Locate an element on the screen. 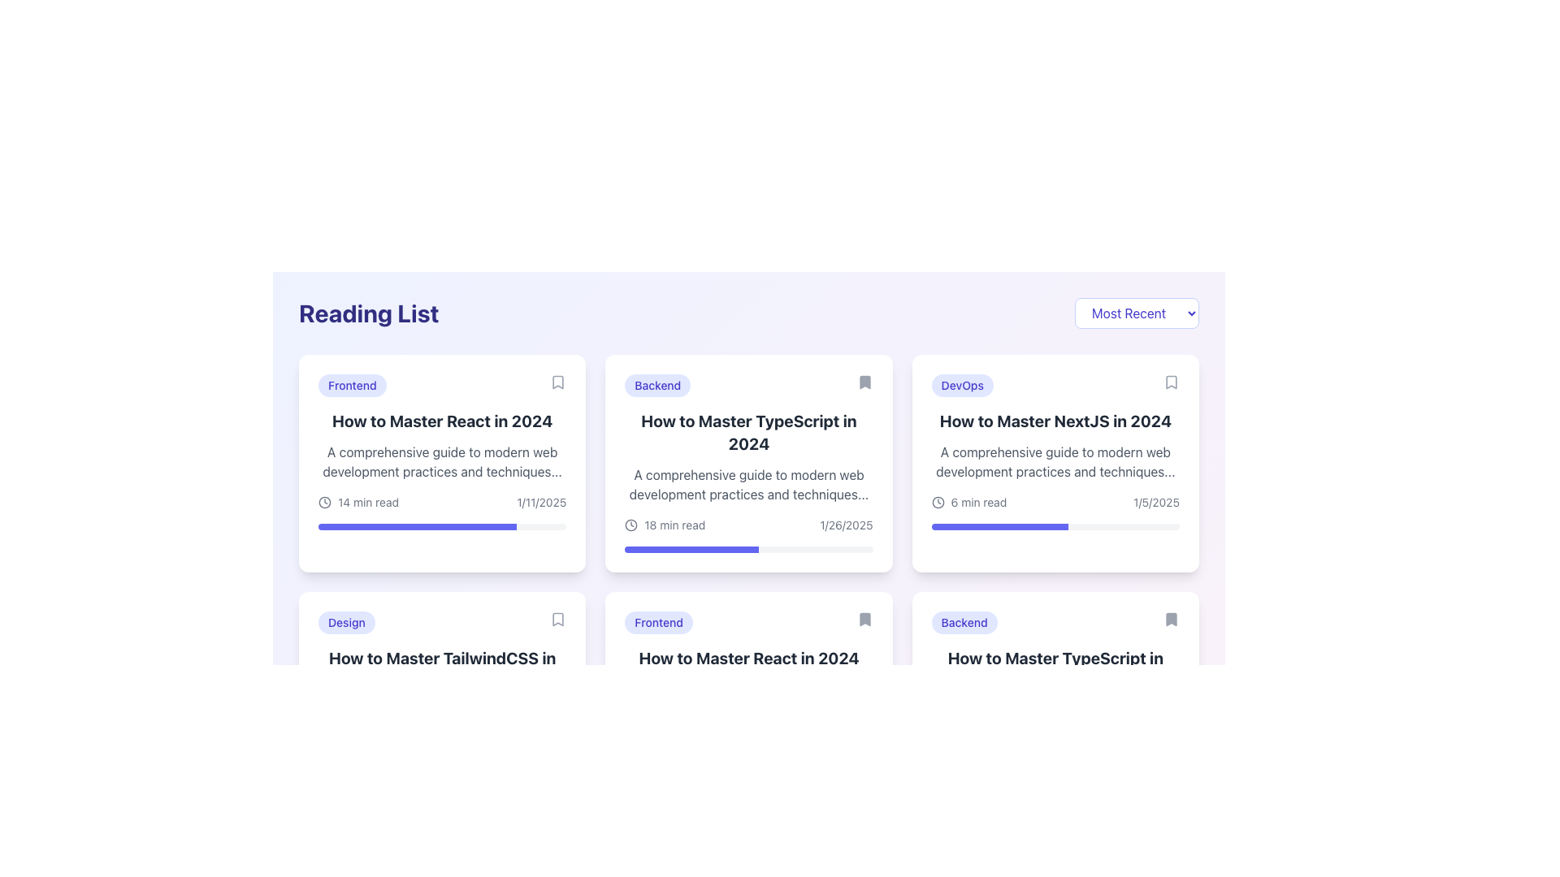 The height and width of the screenshot is (877, 1560). the text element that serves as a primary title, displaying 'How to Master TypeScript in 2024', located in the second card of a horizontally scrolling list, positioned between the 'Backend' tag and a descriptive paragraph is located at coordinates (747, 431).